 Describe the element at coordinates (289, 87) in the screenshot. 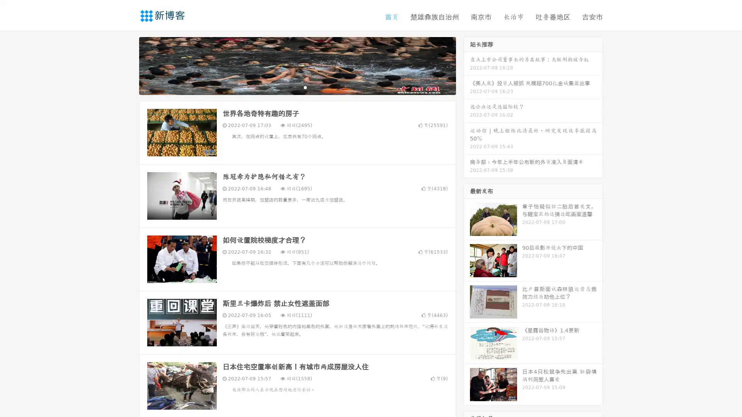

I see `Go to slide 1` at that location.